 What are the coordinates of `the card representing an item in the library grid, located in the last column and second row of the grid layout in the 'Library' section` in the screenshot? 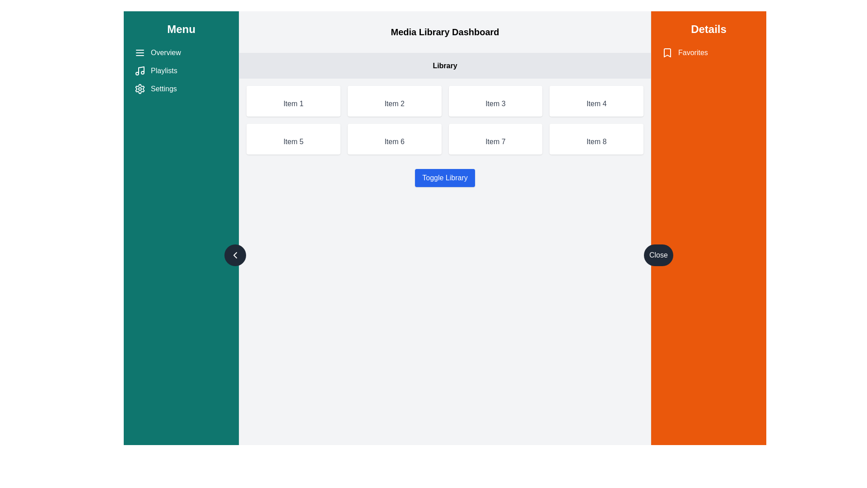 It's located at (597, 139).